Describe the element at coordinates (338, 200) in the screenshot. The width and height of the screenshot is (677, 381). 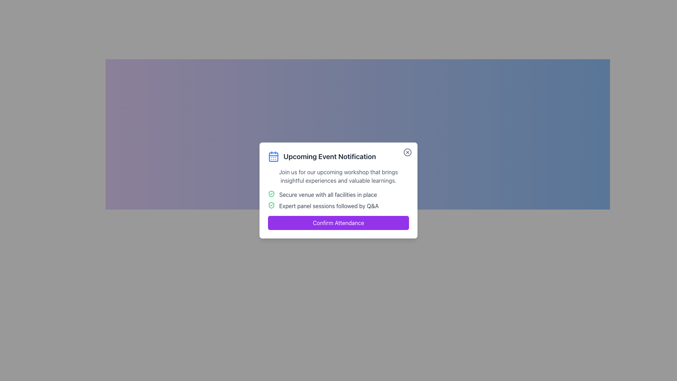
I see `the descriptive text element within the notification card that informs users about event features such as the venue and session format` at that location.